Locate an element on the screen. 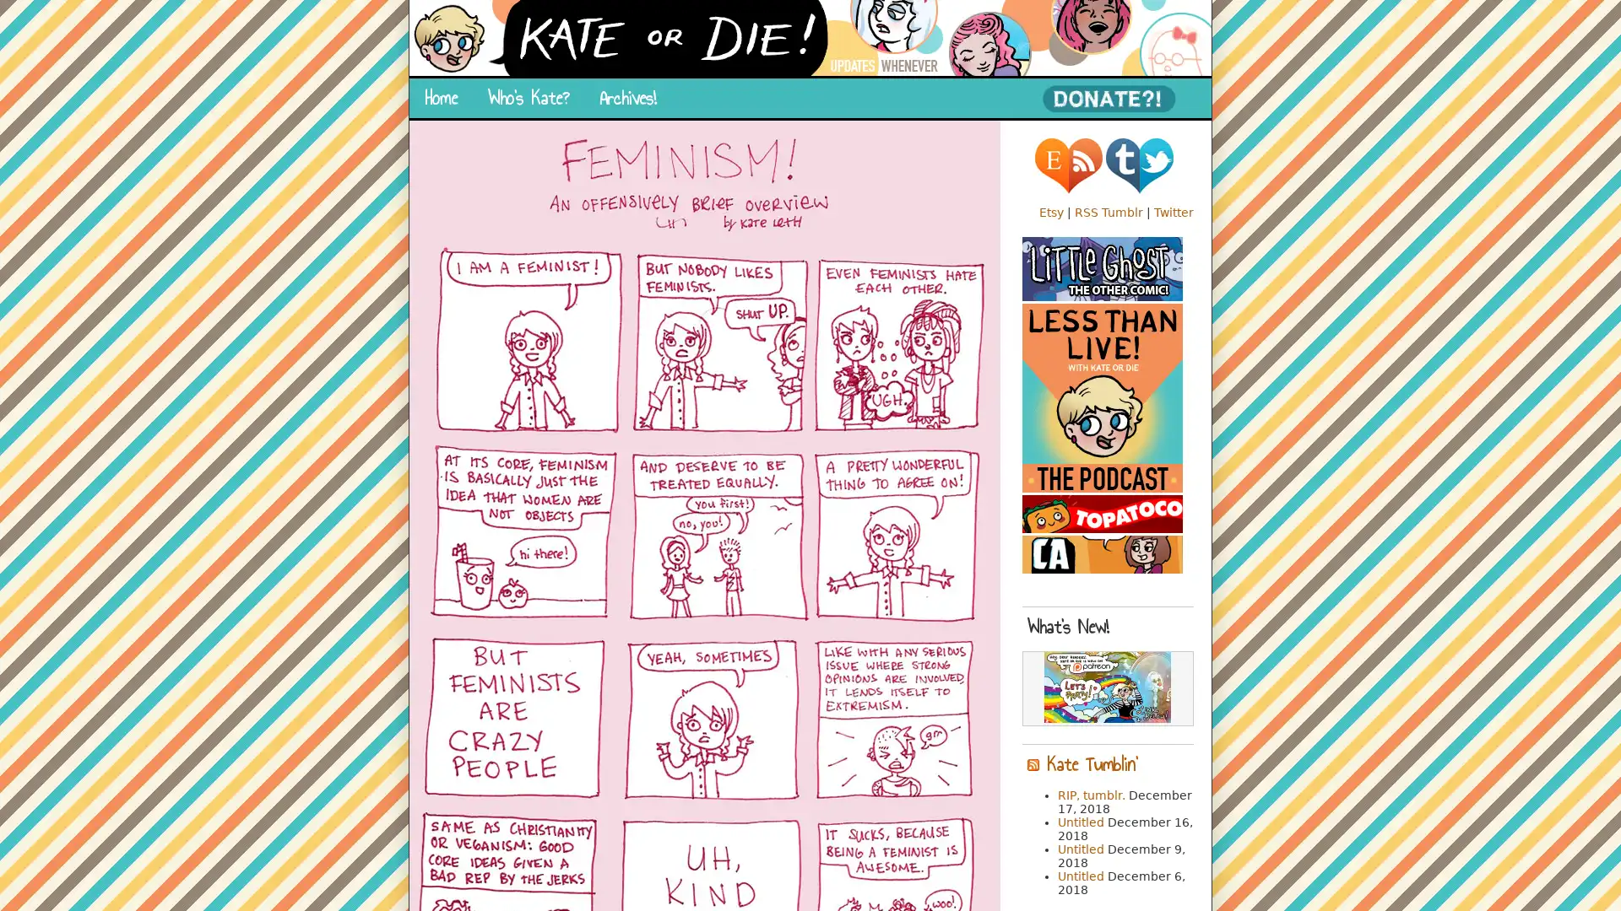 The height and width of the screenshot is (911, 1621). PayPal - The safer, easier way to pay online! is located at coordinates (1108, 99).